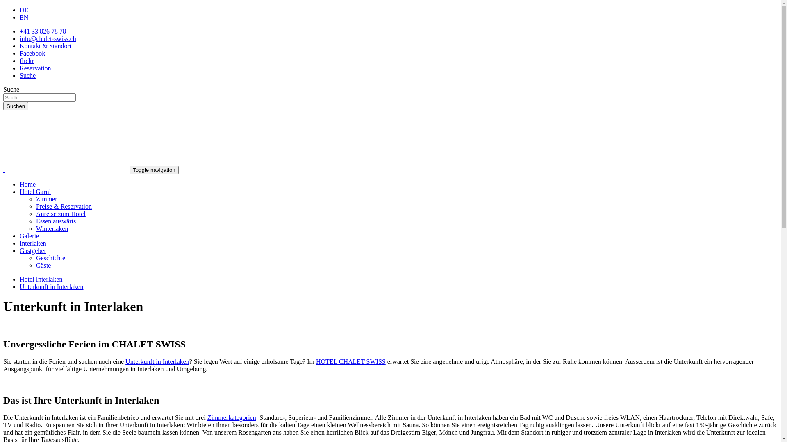 Image resolution: width=787 pixels, height=442 pixels. Describe the element at coordinates (16, 106) in the screenshot. I see `'Suchen'` at that location.